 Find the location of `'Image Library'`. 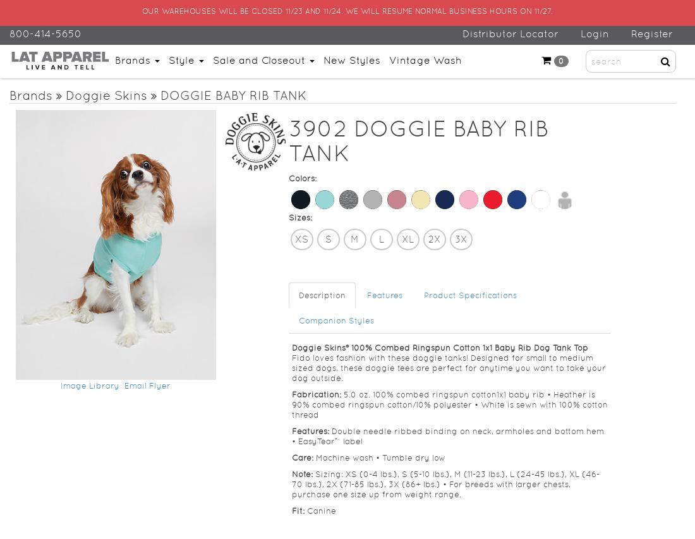

'Image Library' is located at coordinates (61, 385).